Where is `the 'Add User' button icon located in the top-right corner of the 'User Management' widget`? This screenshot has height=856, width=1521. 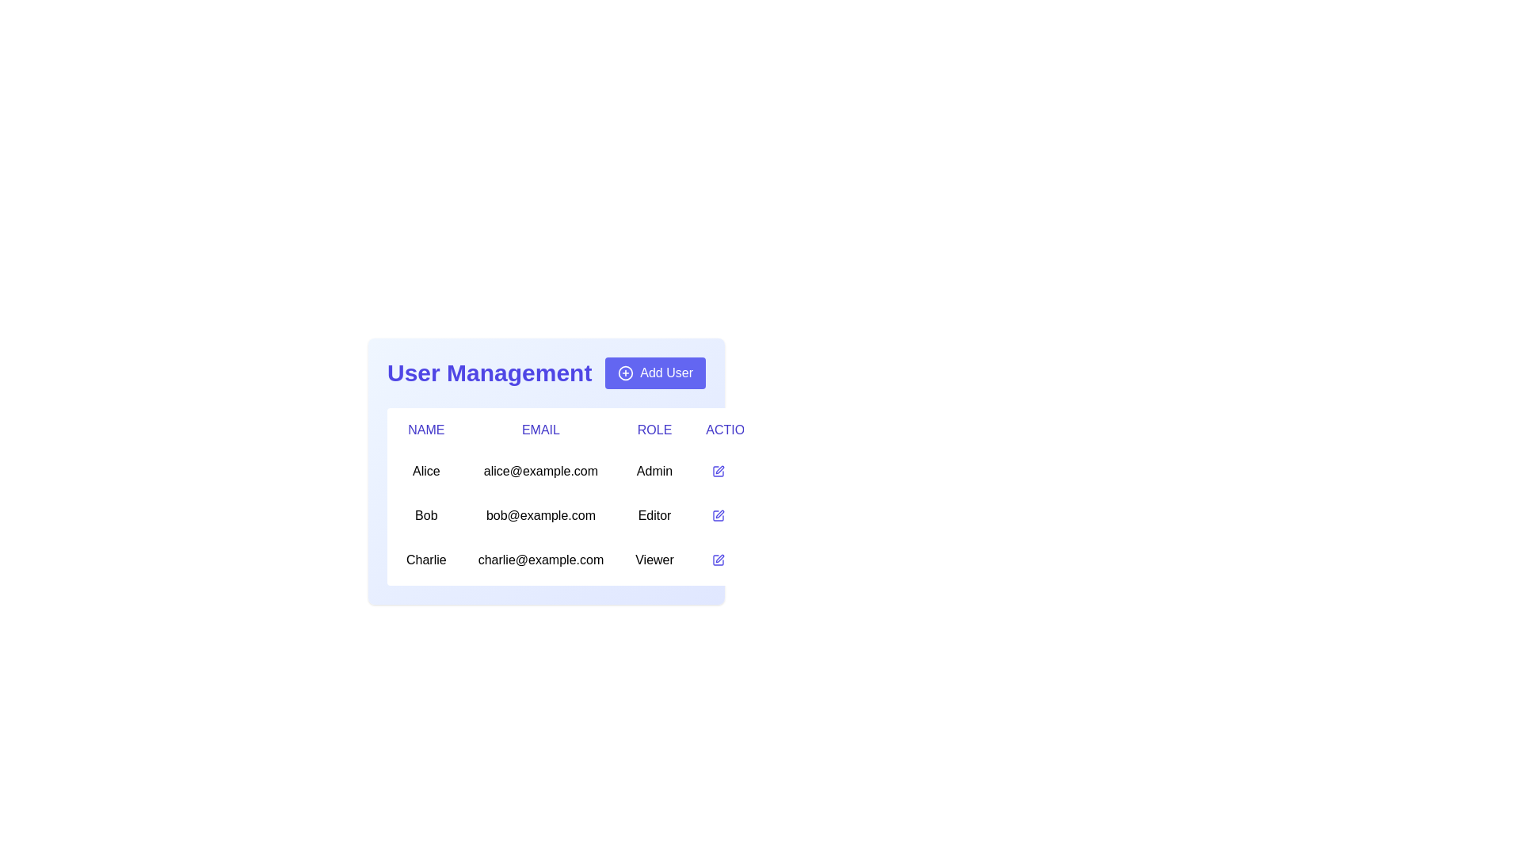 the 'Add User' button icon located in the top-right corner of the 'User Management' widget is located at coordinates (625, 373).